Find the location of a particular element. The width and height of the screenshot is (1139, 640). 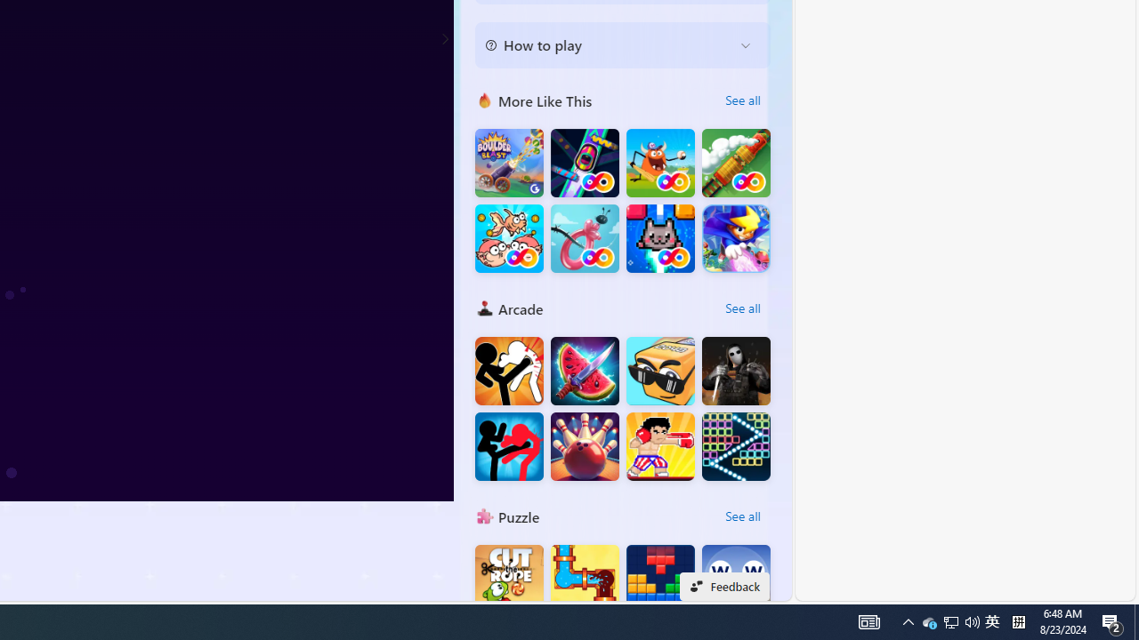

'Plumber World' is located at coordinates (585, 579).